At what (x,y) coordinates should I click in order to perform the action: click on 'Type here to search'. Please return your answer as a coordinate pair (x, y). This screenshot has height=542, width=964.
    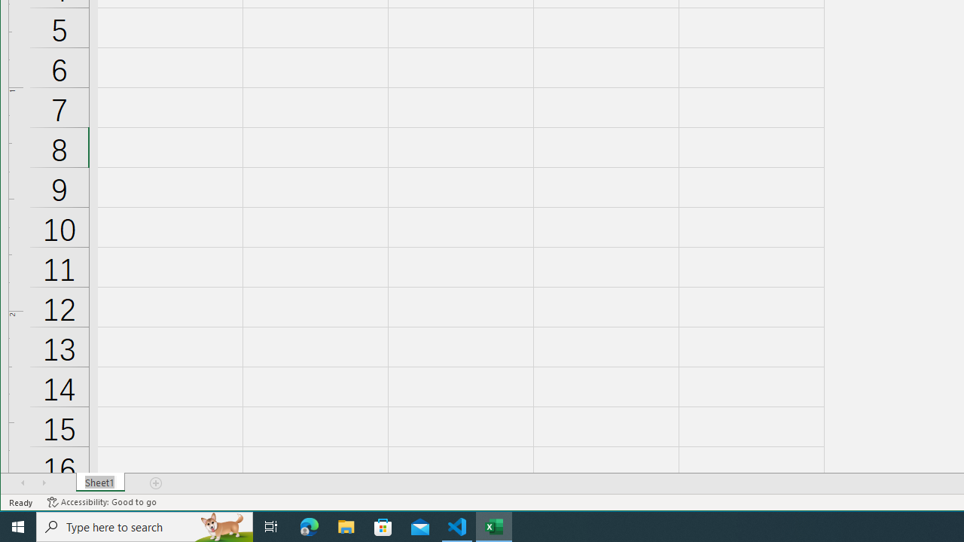
    Looking at the image, I should click on (145, 525).